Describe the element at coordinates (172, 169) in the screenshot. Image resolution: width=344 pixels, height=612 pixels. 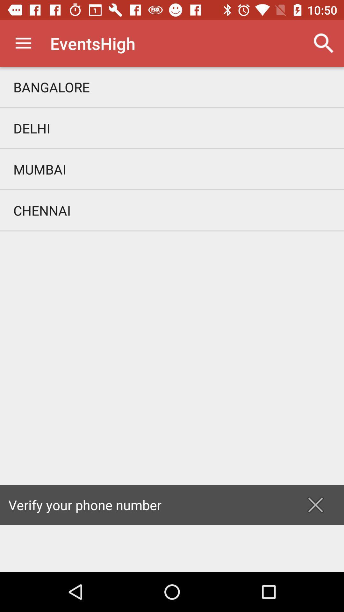
I see `the icon above the chennai item` at that location.